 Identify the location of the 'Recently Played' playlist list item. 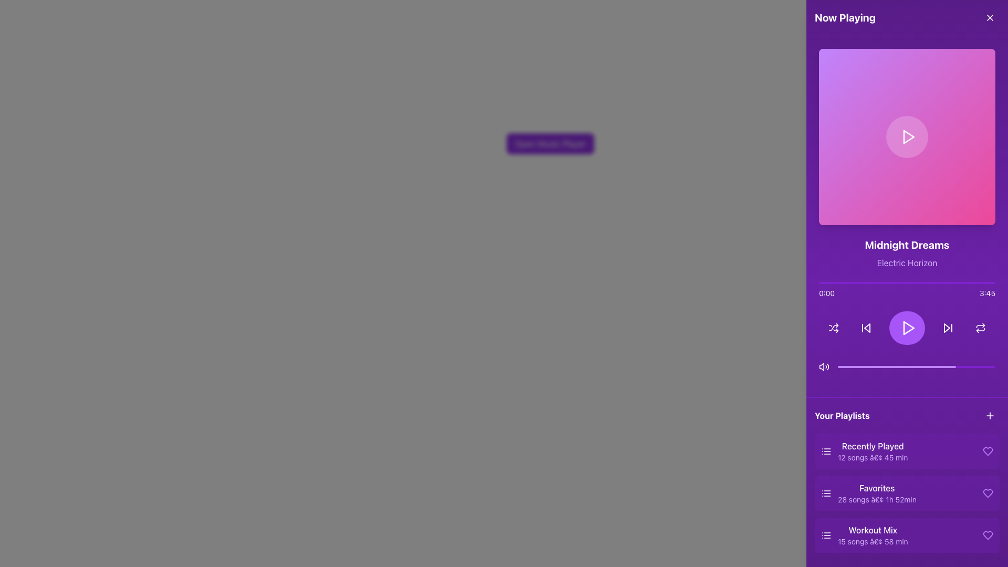
(864, 451).